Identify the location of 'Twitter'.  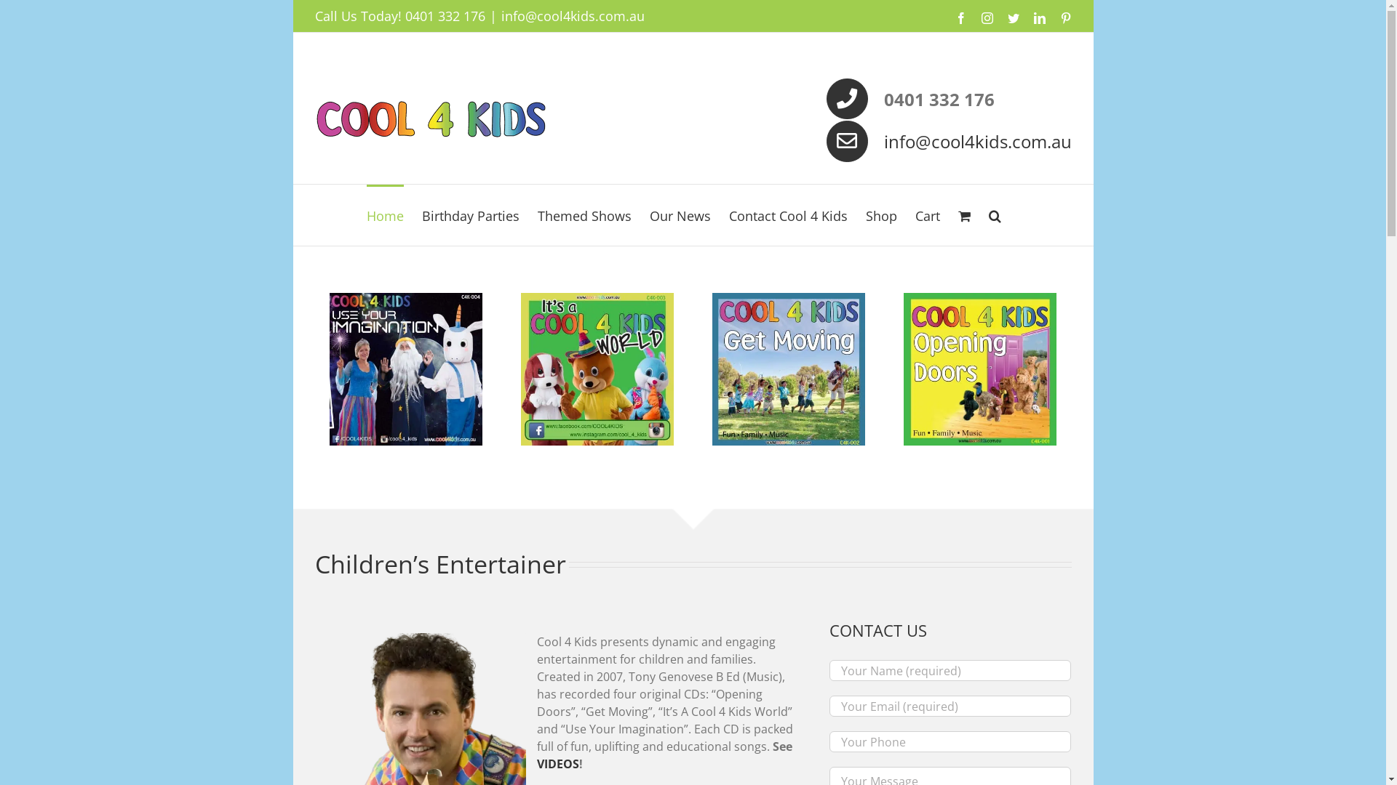
(1006, 17).